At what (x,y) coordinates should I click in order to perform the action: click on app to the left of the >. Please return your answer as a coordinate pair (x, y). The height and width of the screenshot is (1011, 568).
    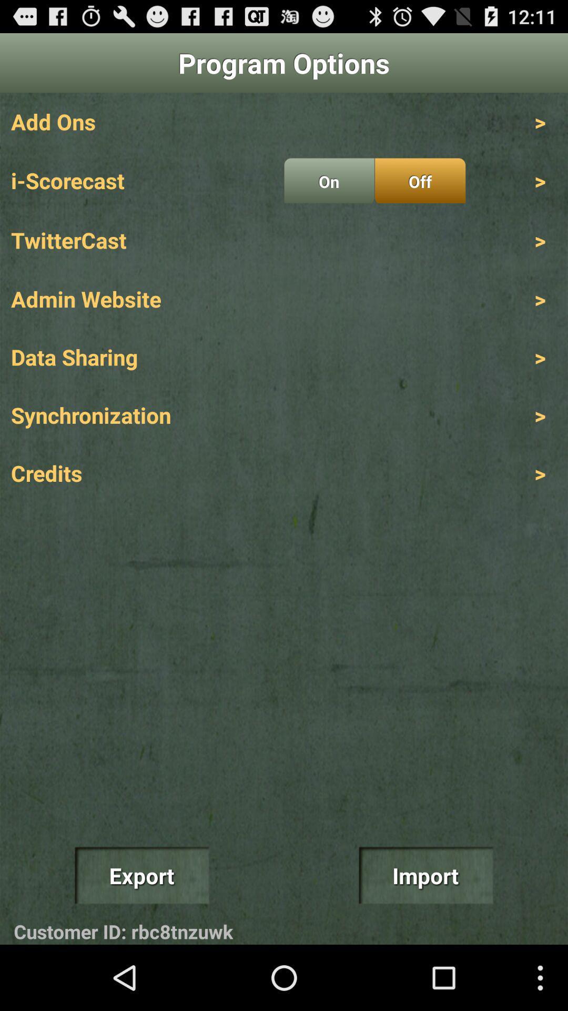
    Looking at the image, I should click on (420, 181).